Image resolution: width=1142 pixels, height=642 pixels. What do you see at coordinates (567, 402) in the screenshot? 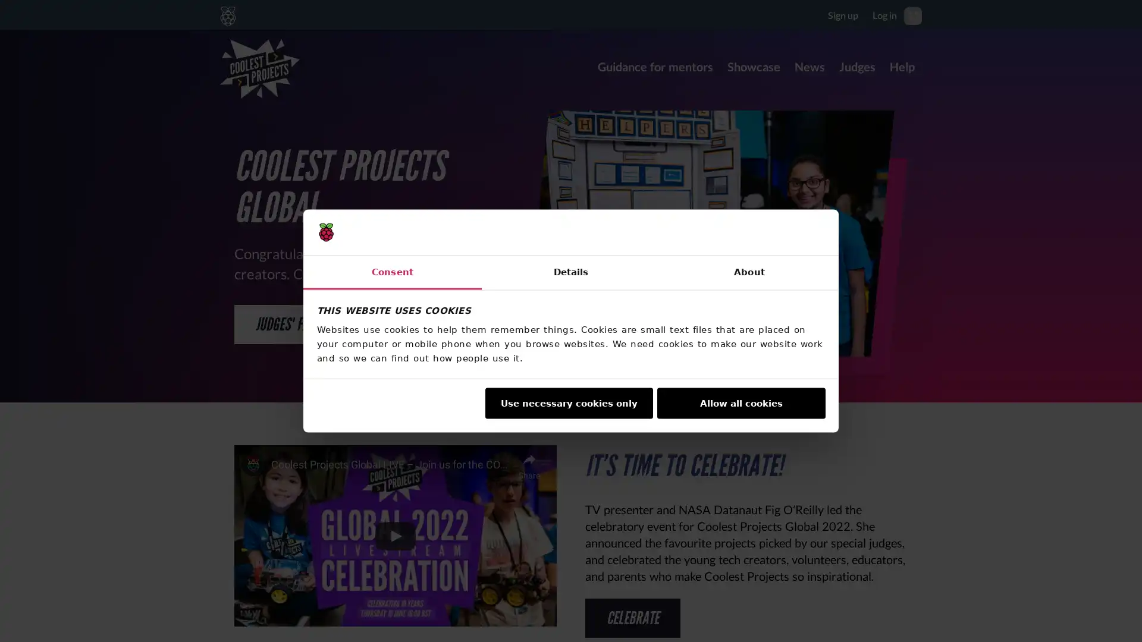
I see `Use necessary cookies only` at bounding box center [567, 402].